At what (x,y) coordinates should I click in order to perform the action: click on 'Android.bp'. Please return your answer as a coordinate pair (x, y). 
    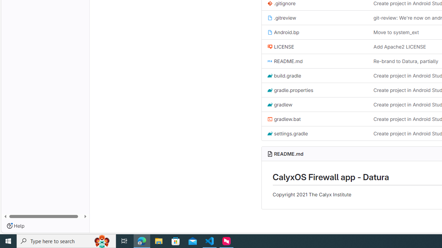
    Looking at the image, I should click on (283, 32).